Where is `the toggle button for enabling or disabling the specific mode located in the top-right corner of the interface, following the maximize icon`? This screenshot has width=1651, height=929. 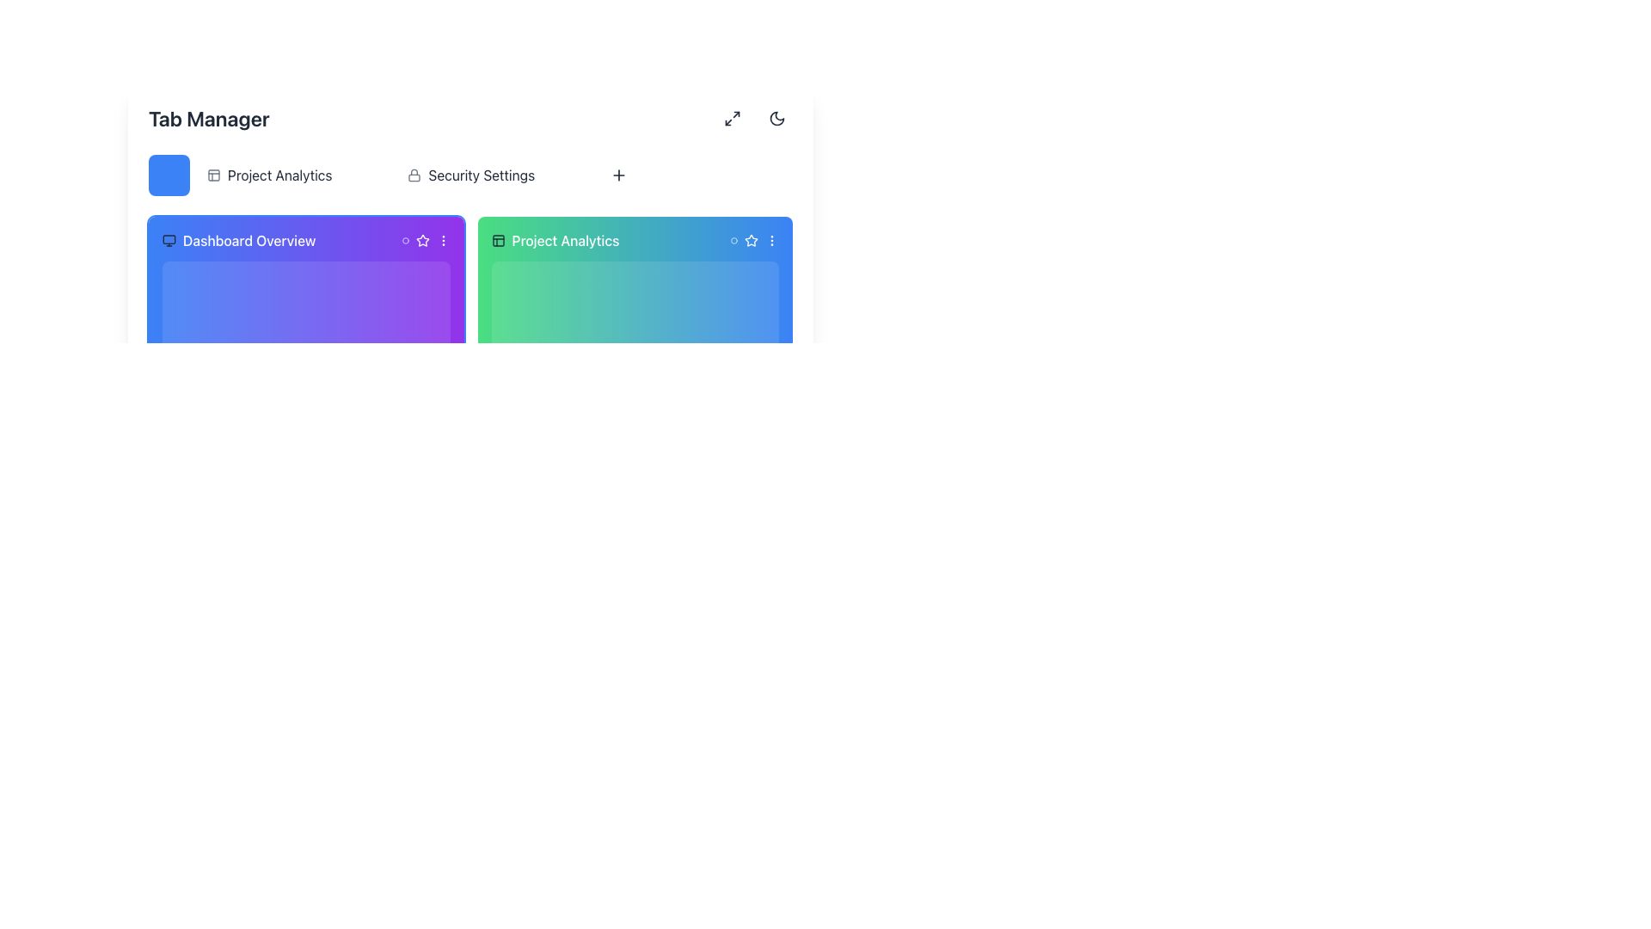 the toggle button for enabling or disabling the specific mode located in the top-right corner of the interface, following the maximize icon is located at coordinates (776, 118).